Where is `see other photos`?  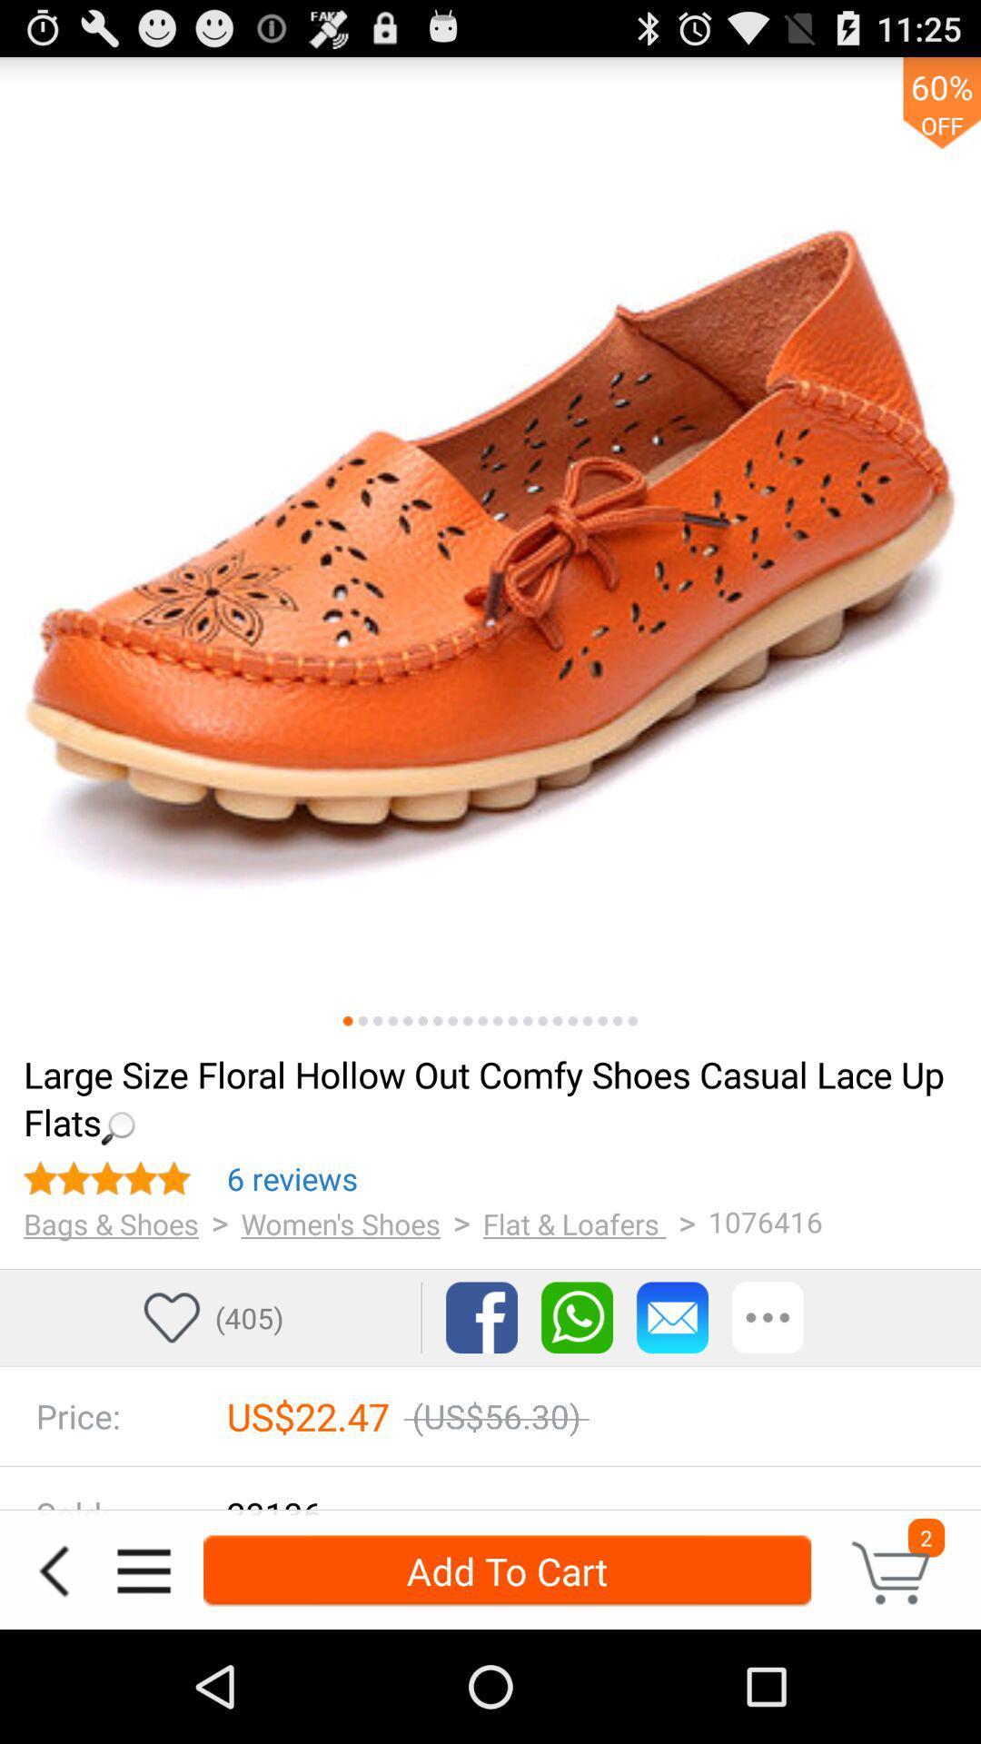
see other photos is located at coordinates (467, 1021).